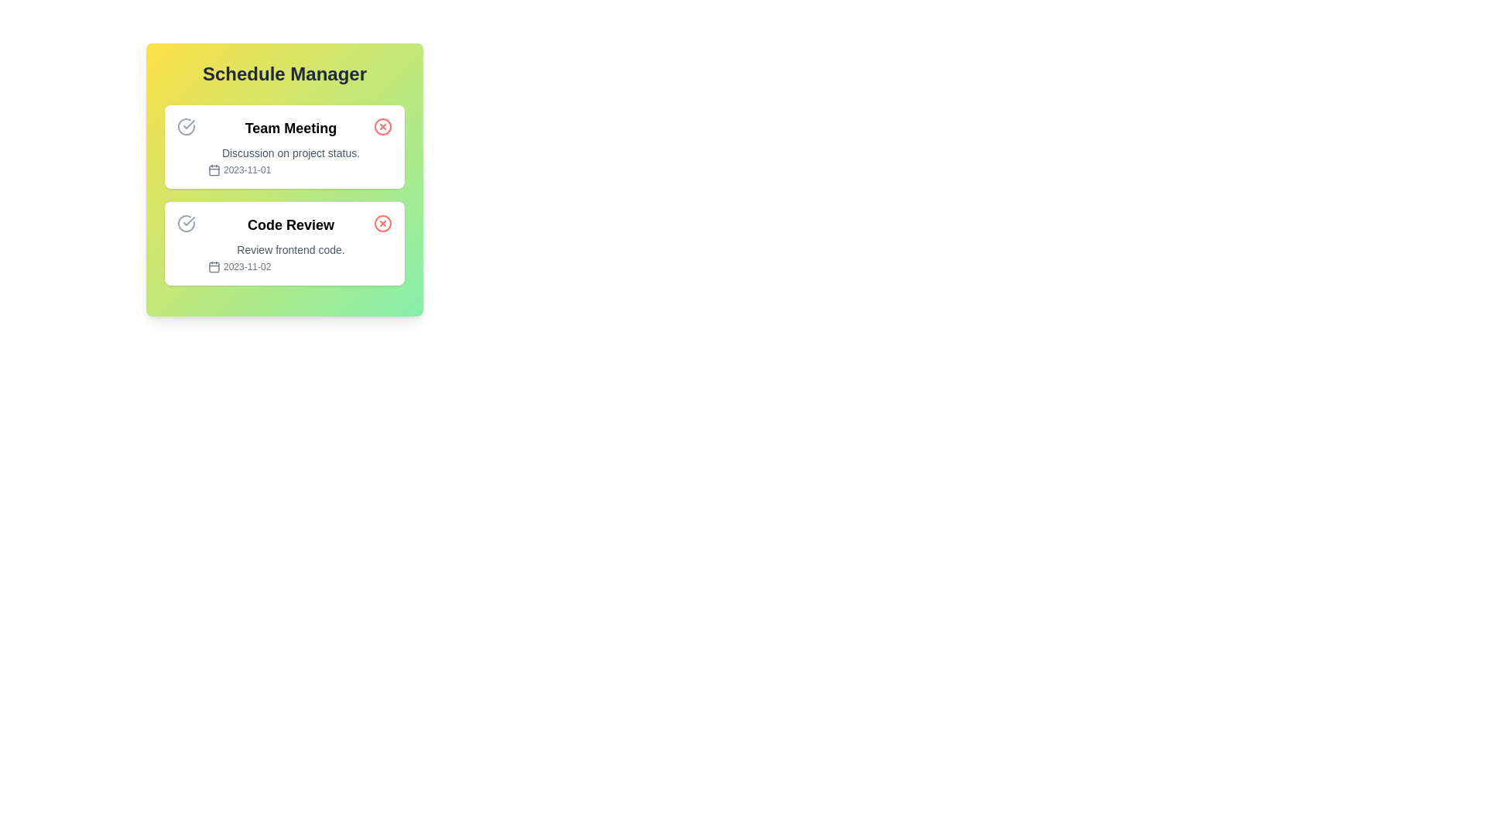 This screenshot has width=1486, height=836. I want to click on the text that serves as a brief description of the task labeled 'Code Review', which is positioned directly beneath the heading 'Code Review' and above the text '2023-11-02', so click(290, 249).